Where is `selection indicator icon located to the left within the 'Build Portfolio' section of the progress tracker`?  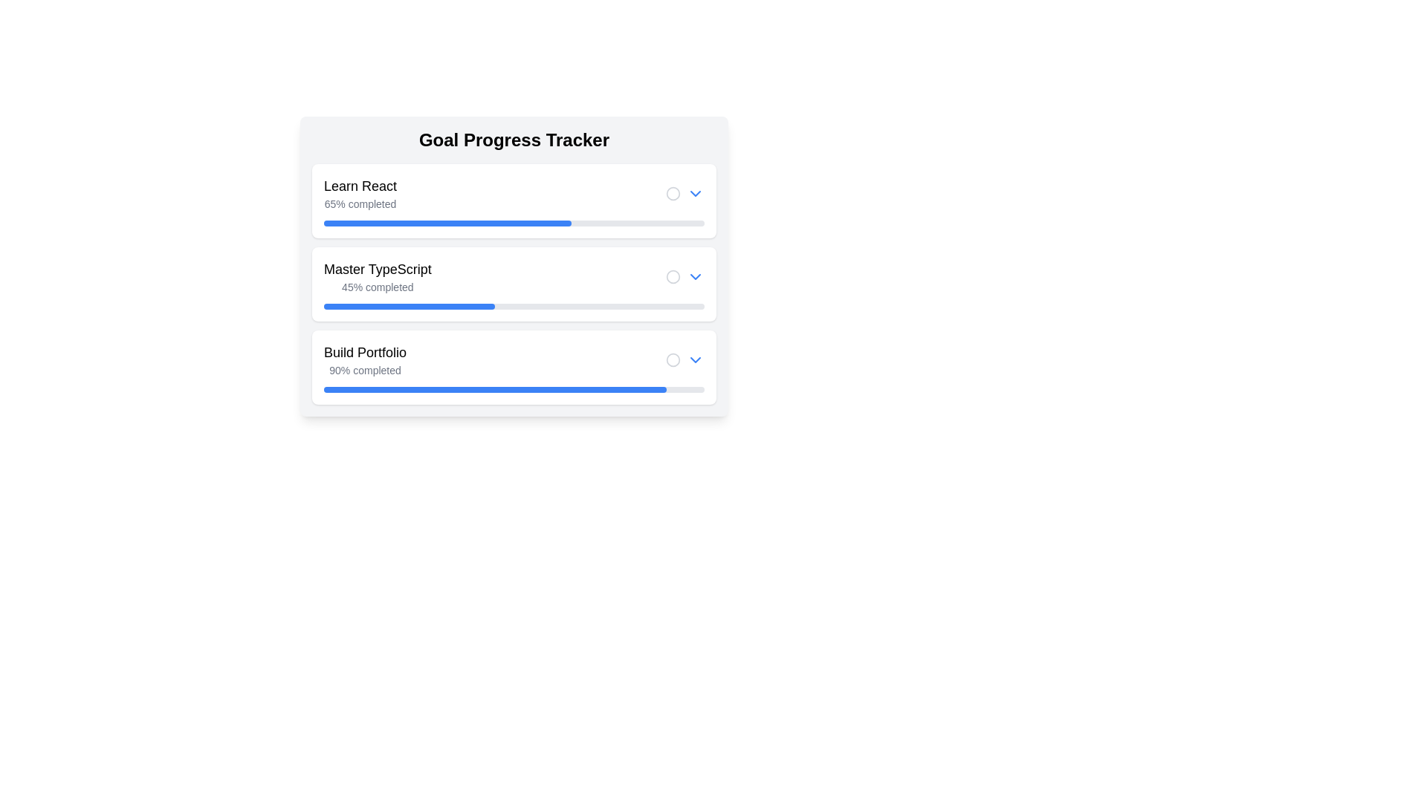
selection indicator icon located to the left within the 'Build Portfolio' section of the progress tracker is located at coordinates (673, 360).